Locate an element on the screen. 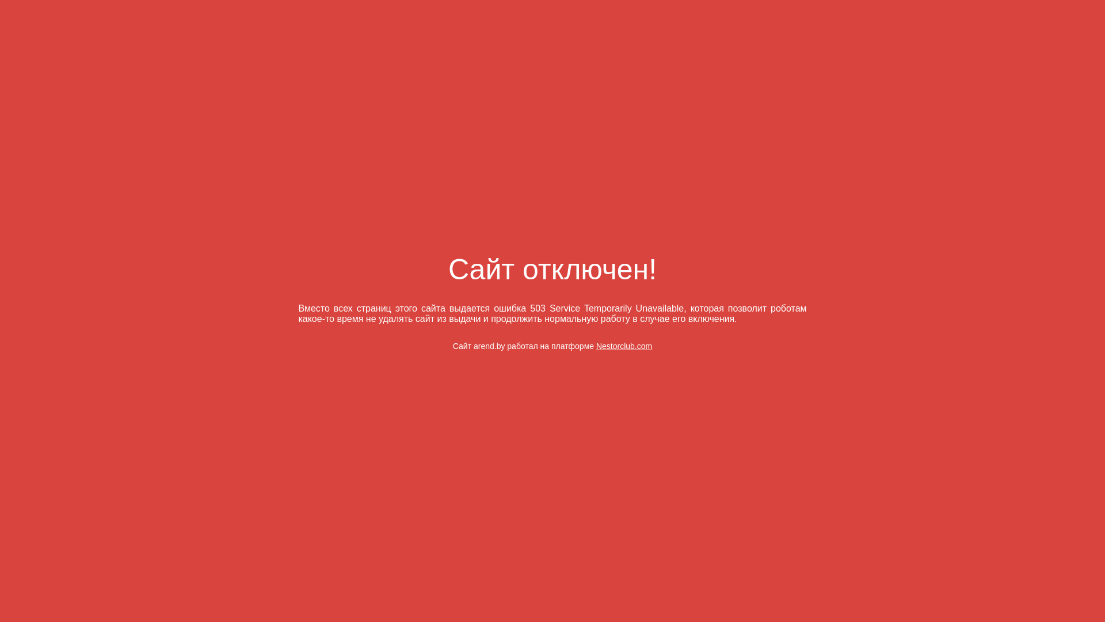  'Nestorclub.com' is located at coordinates (623, 346).